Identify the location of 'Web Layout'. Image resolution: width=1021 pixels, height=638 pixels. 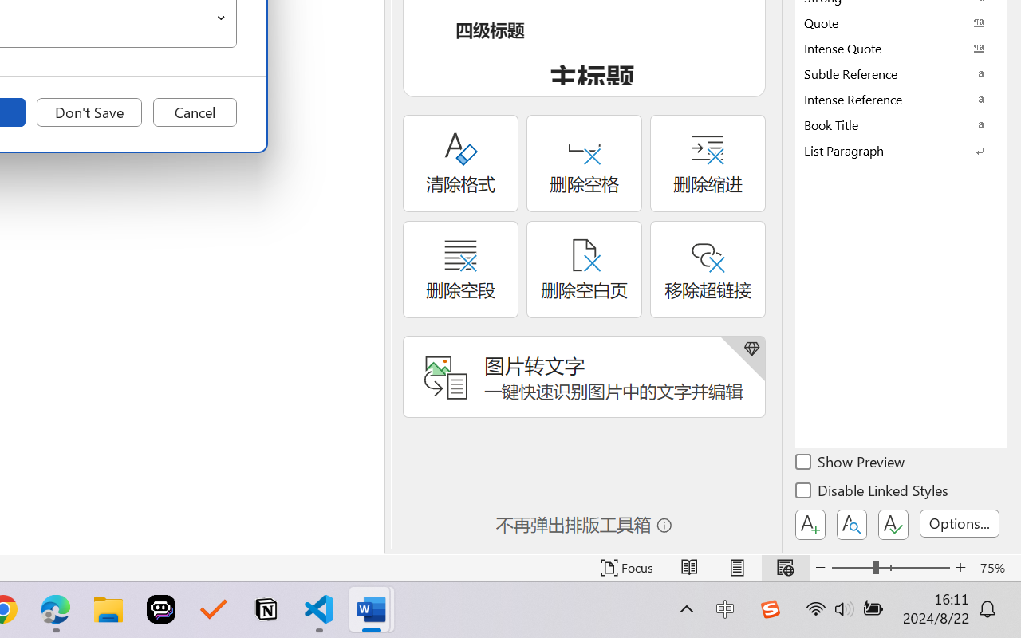
(785, 567).